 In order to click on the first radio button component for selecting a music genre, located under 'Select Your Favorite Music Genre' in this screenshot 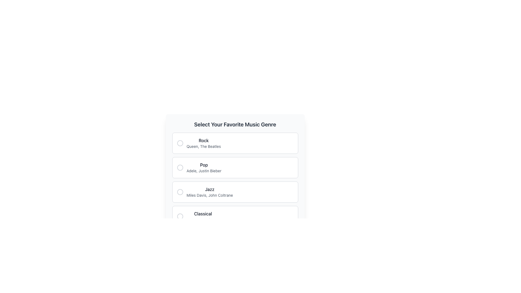, I will do `click(198, 143)`.